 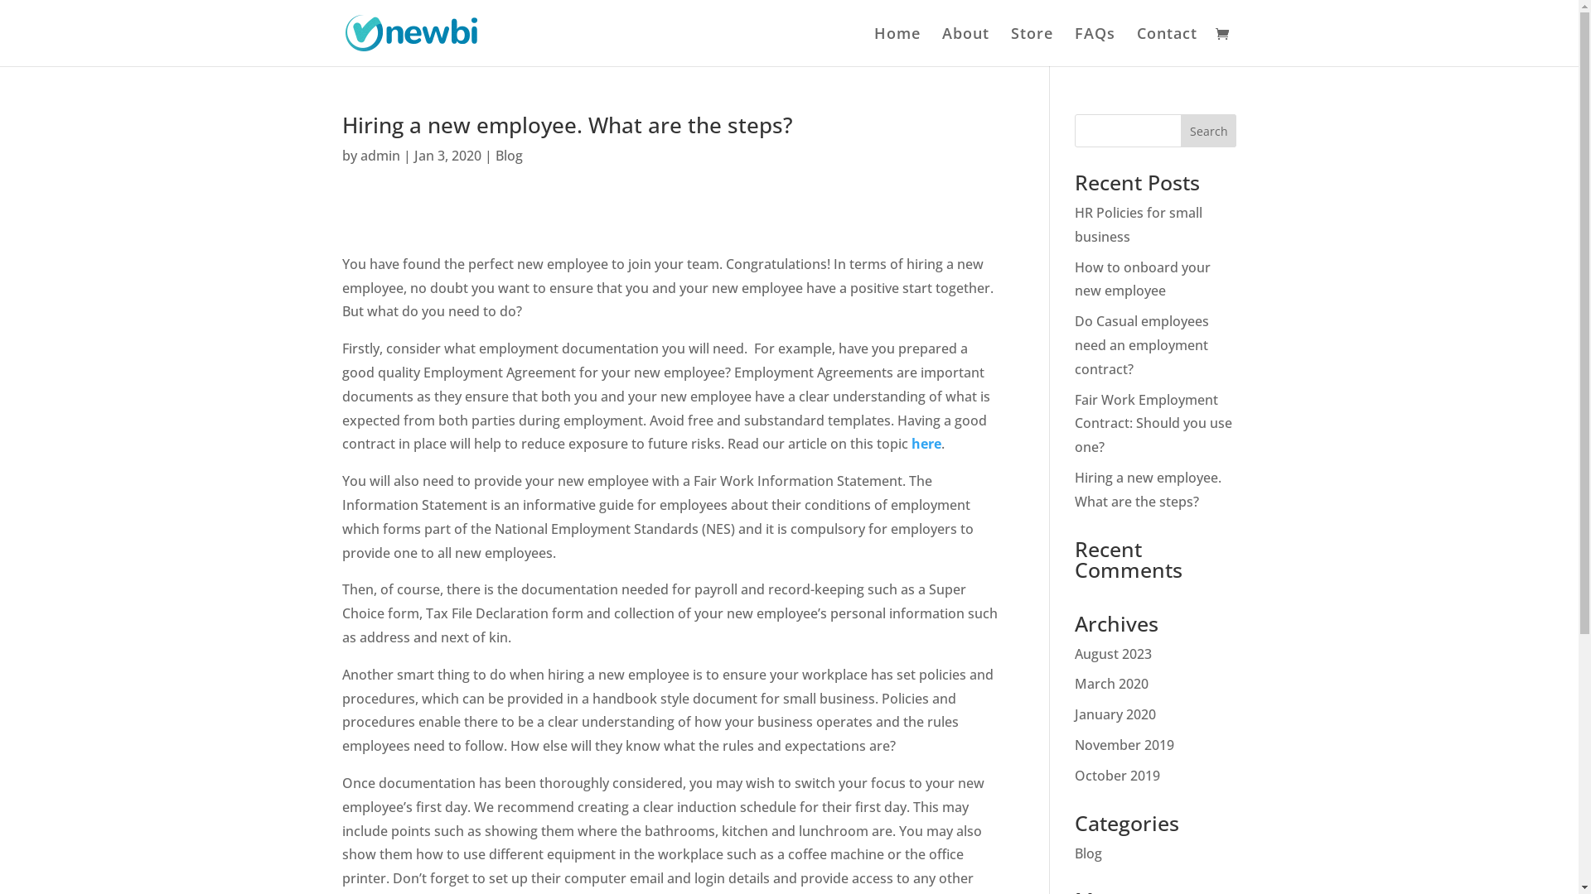 I want to click on 'March 2020', so click(x=1111, y=683).